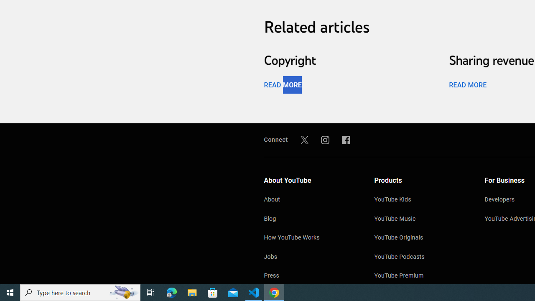 The width and height of the screenshot is (535, 301). I want to click on 'YouTube Kids', so click(421, 200).